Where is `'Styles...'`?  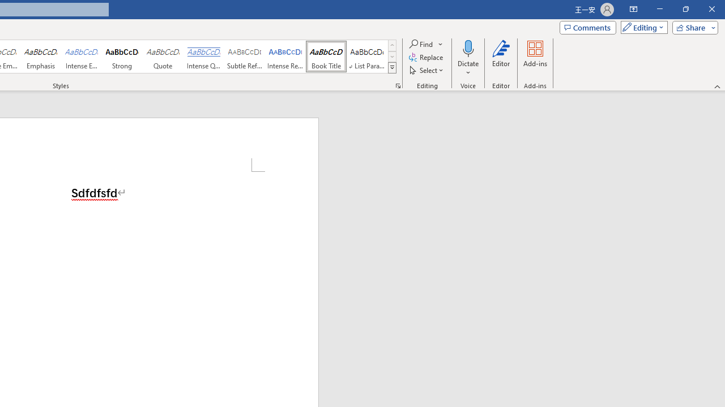 'Styles...' is located at coordinates (398, 85).